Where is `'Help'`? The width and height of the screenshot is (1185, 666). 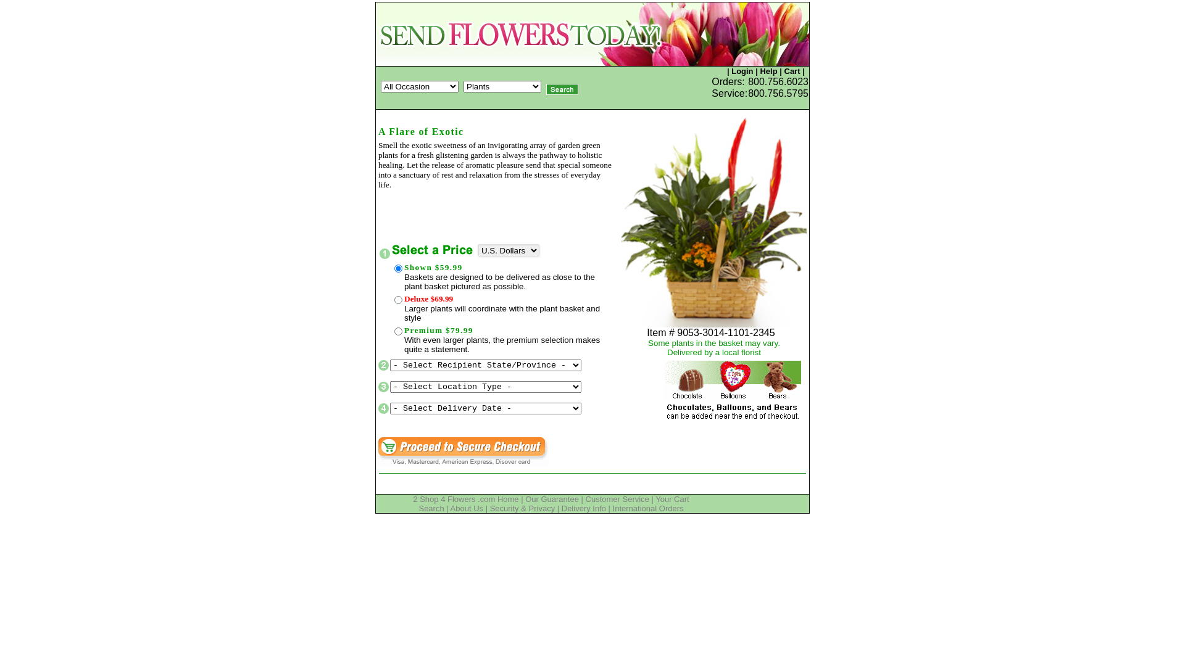 'Help' is located at coordinates (767, 71).